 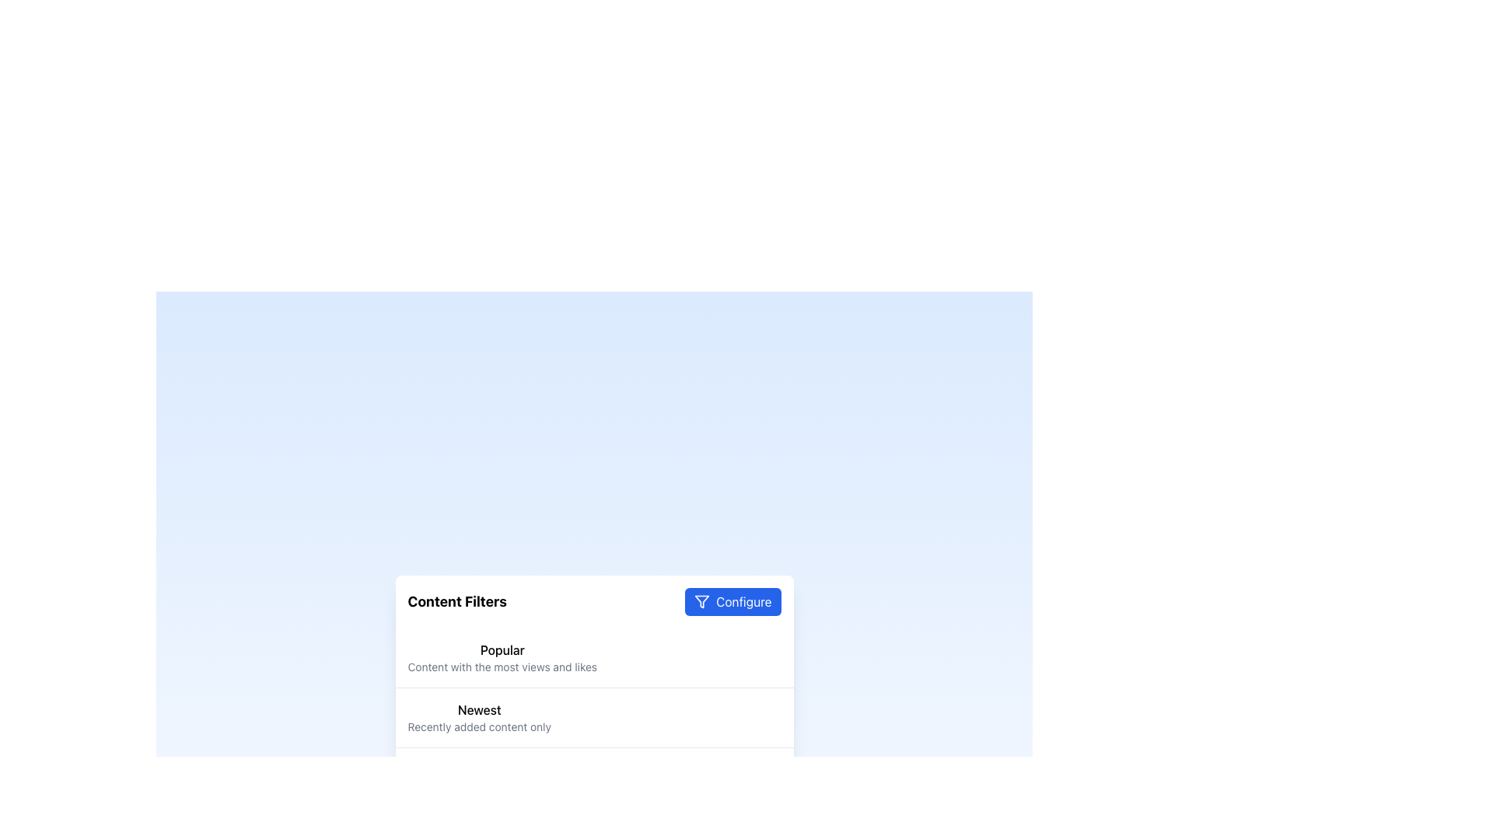 I want to click on the 'Newest' filter option, which is the second item in the list of filtering options, so click(x=593, y=717).